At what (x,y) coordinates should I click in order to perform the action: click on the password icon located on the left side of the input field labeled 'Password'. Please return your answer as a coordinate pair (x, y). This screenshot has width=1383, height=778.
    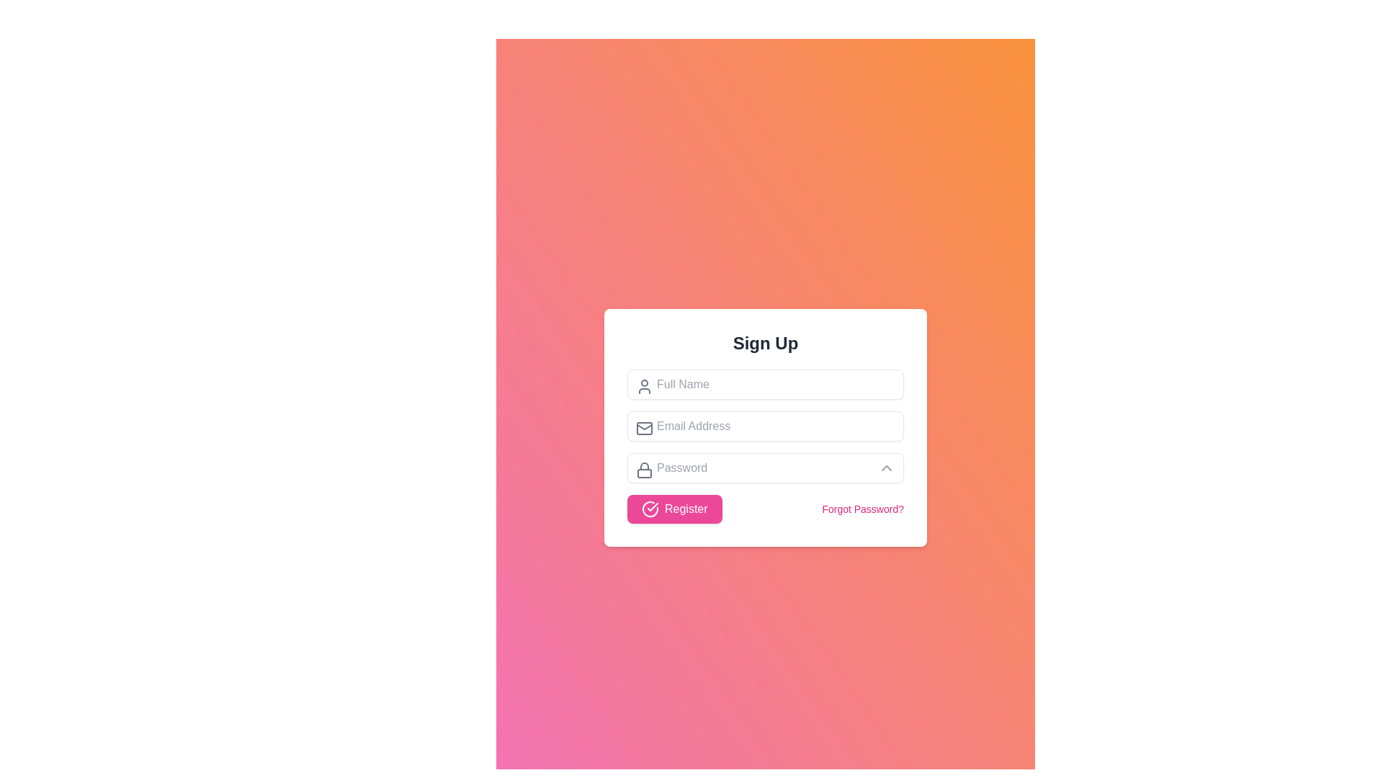
    Looking at the image, I should click on (643, 470).